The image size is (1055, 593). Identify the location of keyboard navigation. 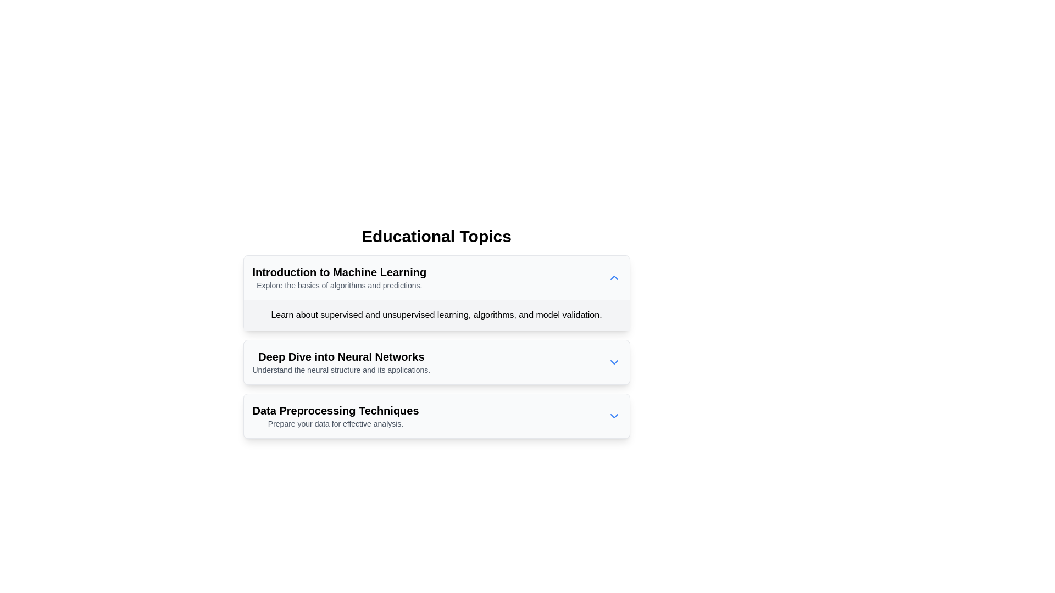
(436, 362).